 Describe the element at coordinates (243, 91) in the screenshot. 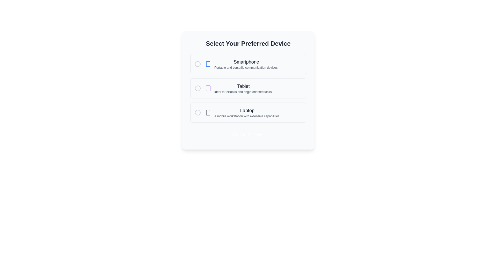

I see `the text label 'Ideal for eBooks and angle-oriented tasks.' located underneath the header 'Tablet' in the second card of the 'Select Your Preferred Device' list` at that location.